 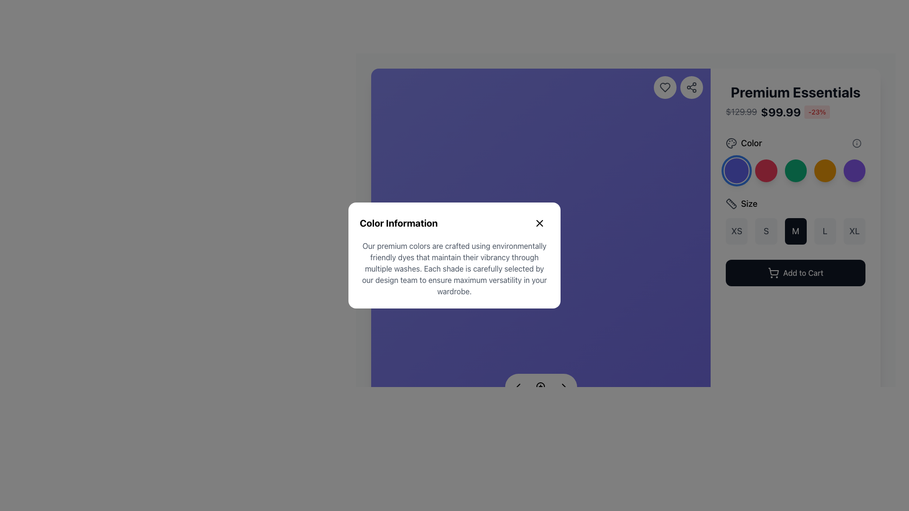 What do you see at coordinates (795, 273) in the screenshot?
I see `the 'Add to Cart' button, which is a rectangular button with a black background and a white shopping cart icon, located at the bottom of the product details card` at bounding box center [795, 273].